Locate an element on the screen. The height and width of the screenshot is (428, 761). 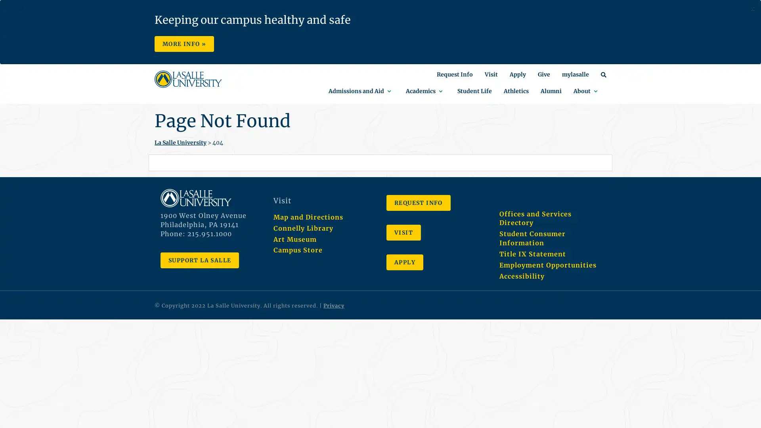
REQUEST INFO is located at coordinates (418, 203).